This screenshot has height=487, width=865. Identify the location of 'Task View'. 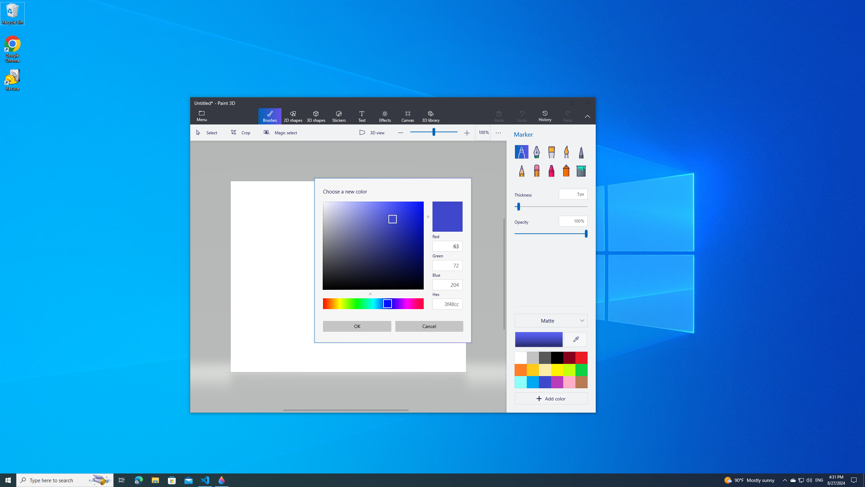
(121, 480).